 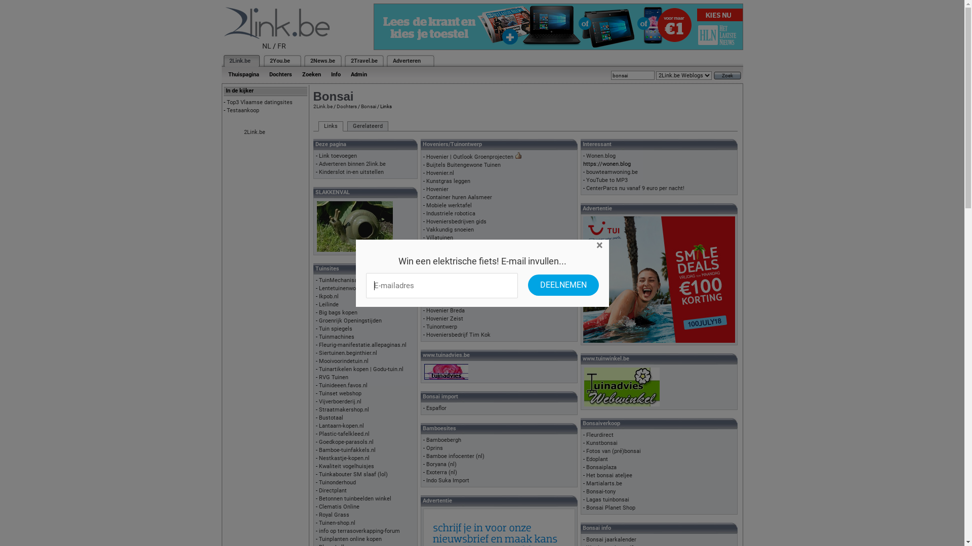 I want to click on 'Dochters', so click(x=280, y=74).